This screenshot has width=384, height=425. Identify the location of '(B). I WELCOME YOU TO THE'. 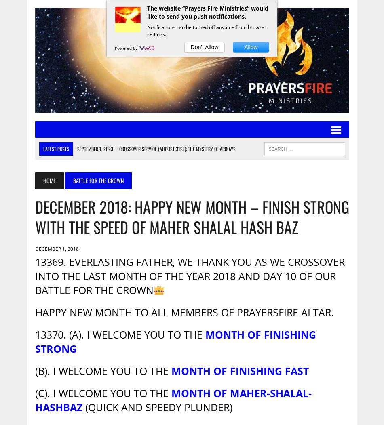
(102, 370).